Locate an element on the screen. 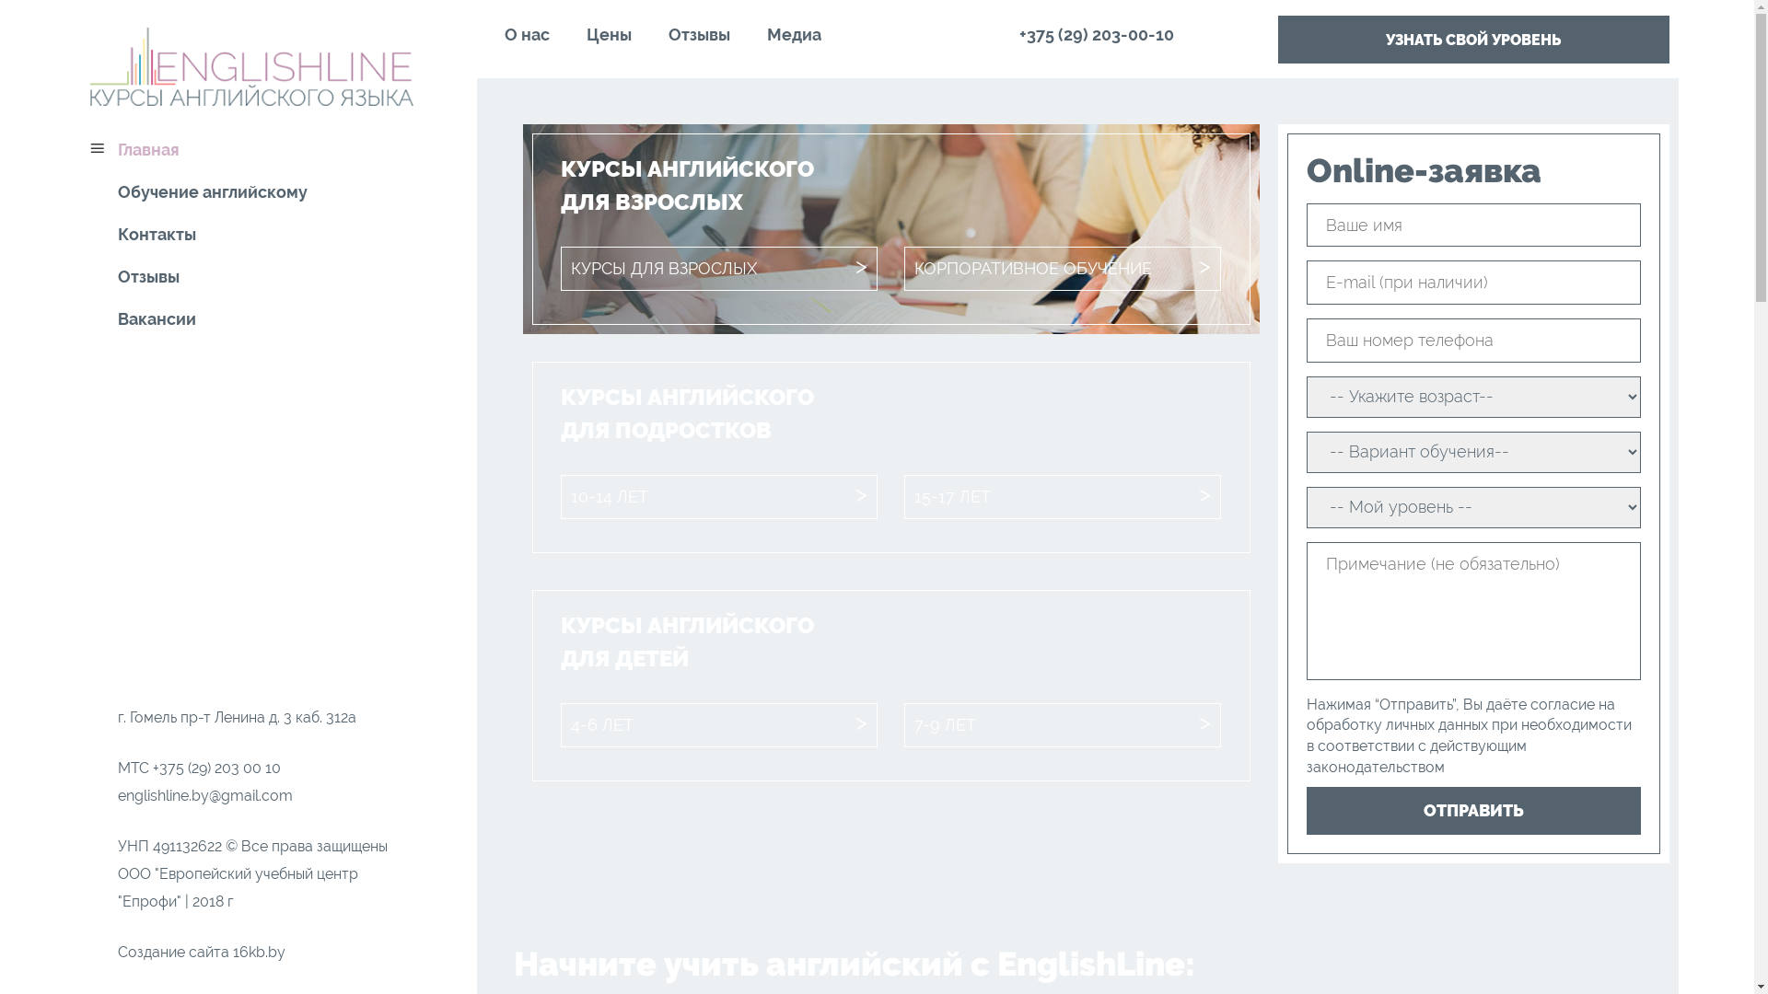  'Skip to content' is located at coordinates (75, 0).